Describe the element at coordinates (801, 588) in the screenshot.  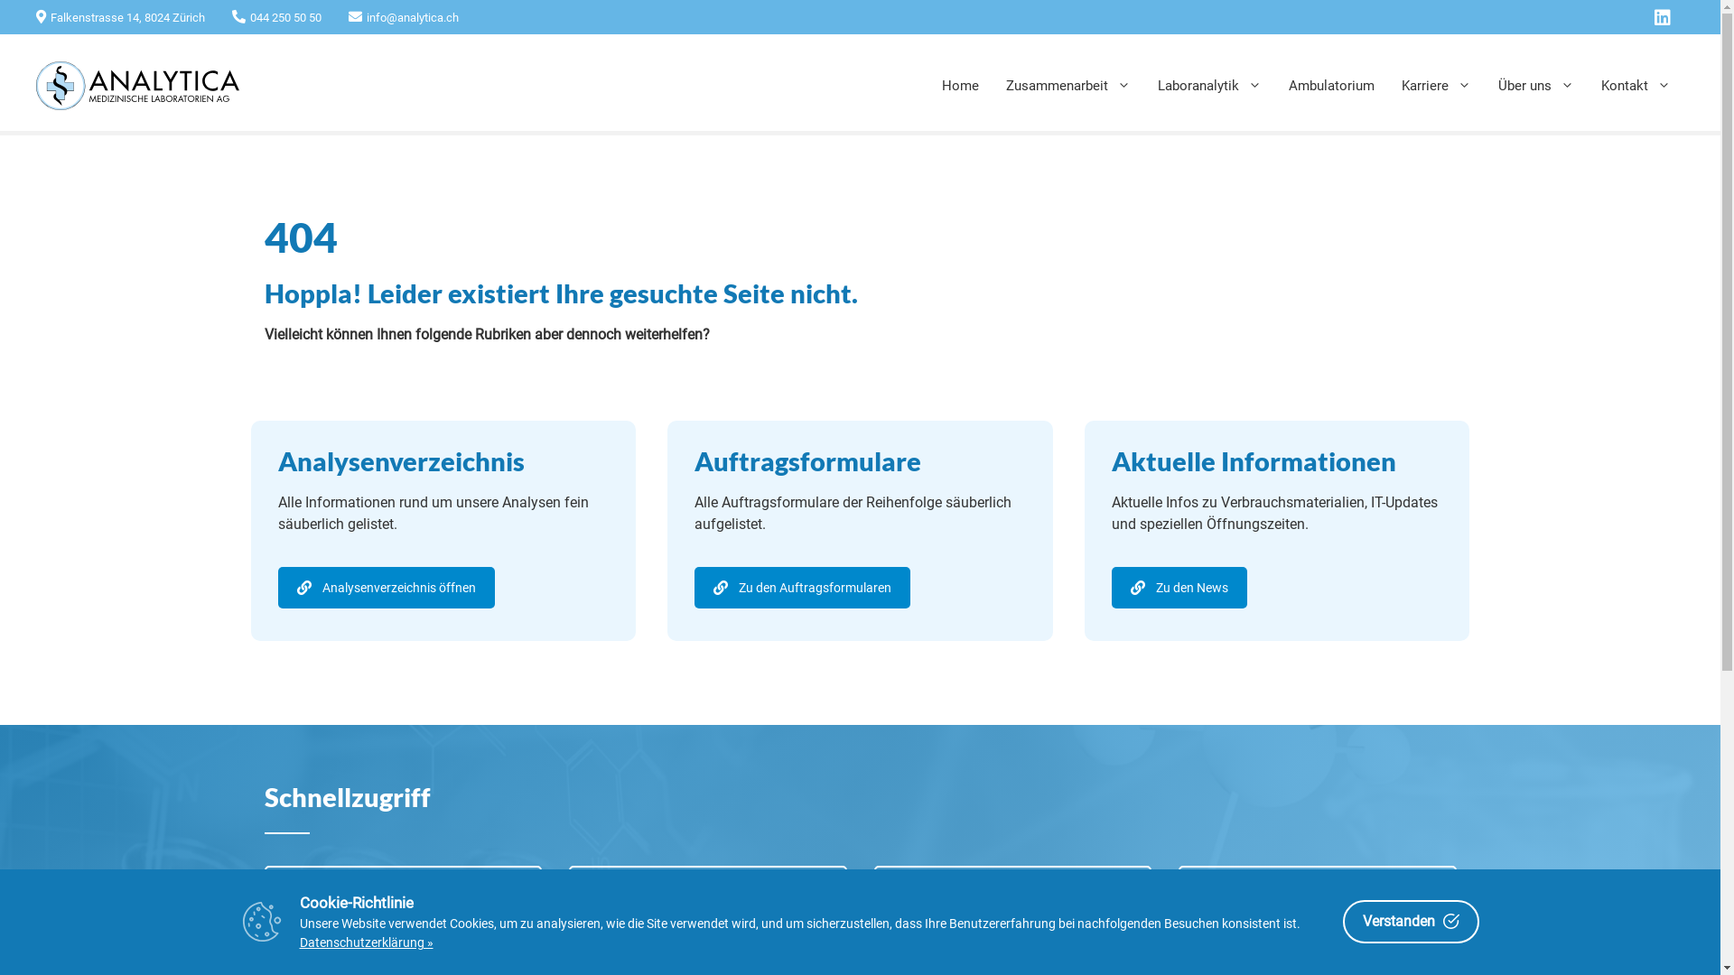
I see `'Zu den Auftragsformularen'` at that location.